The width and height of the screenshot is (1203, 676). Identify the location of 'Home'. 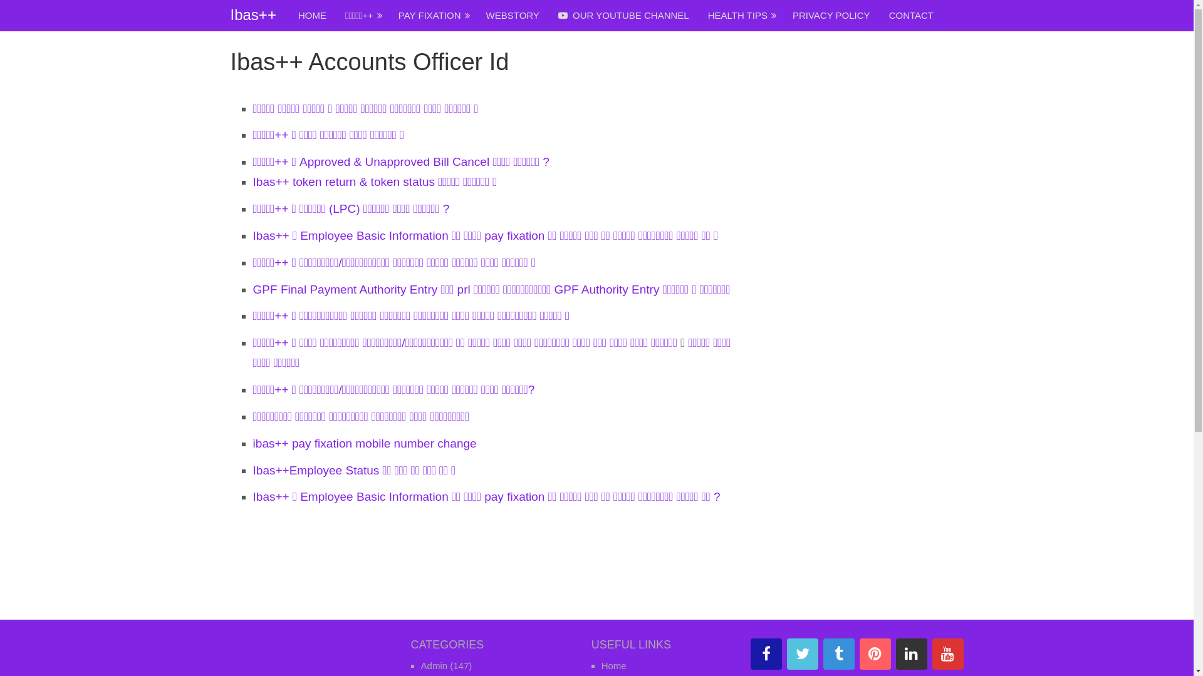
(613, 665).